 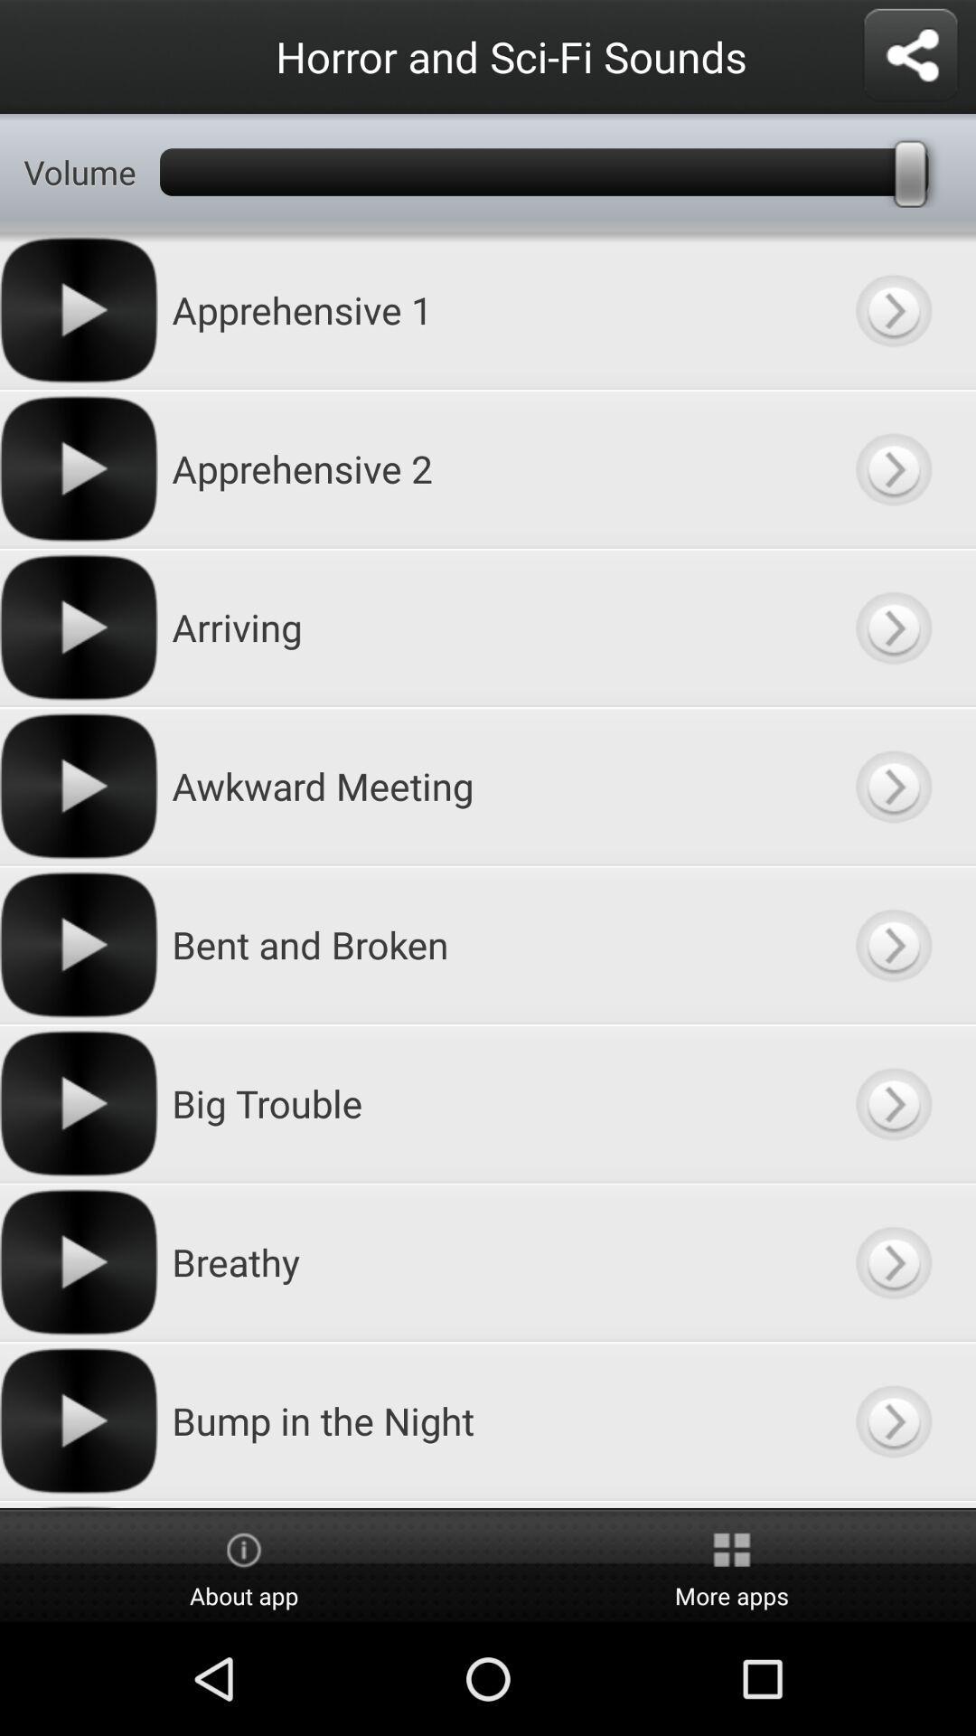 I want to click on option, so click(x=892, y=1420).